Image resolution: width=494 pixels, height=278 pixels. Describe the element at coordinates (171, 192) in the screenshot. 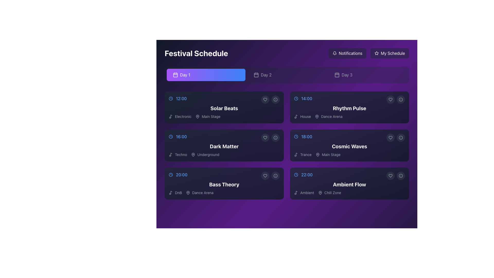

I see `the stylized musical note graphic element within the SVG music icon located to the left of the 'DnB' text in the '20:00 Bass Theory' section` at that location.